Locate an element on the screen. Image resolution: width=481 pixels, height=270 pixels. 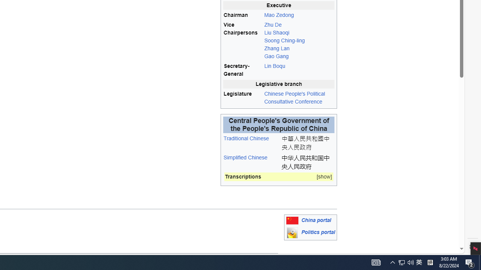
'Chinese People' is located at coordinates (299, 97).